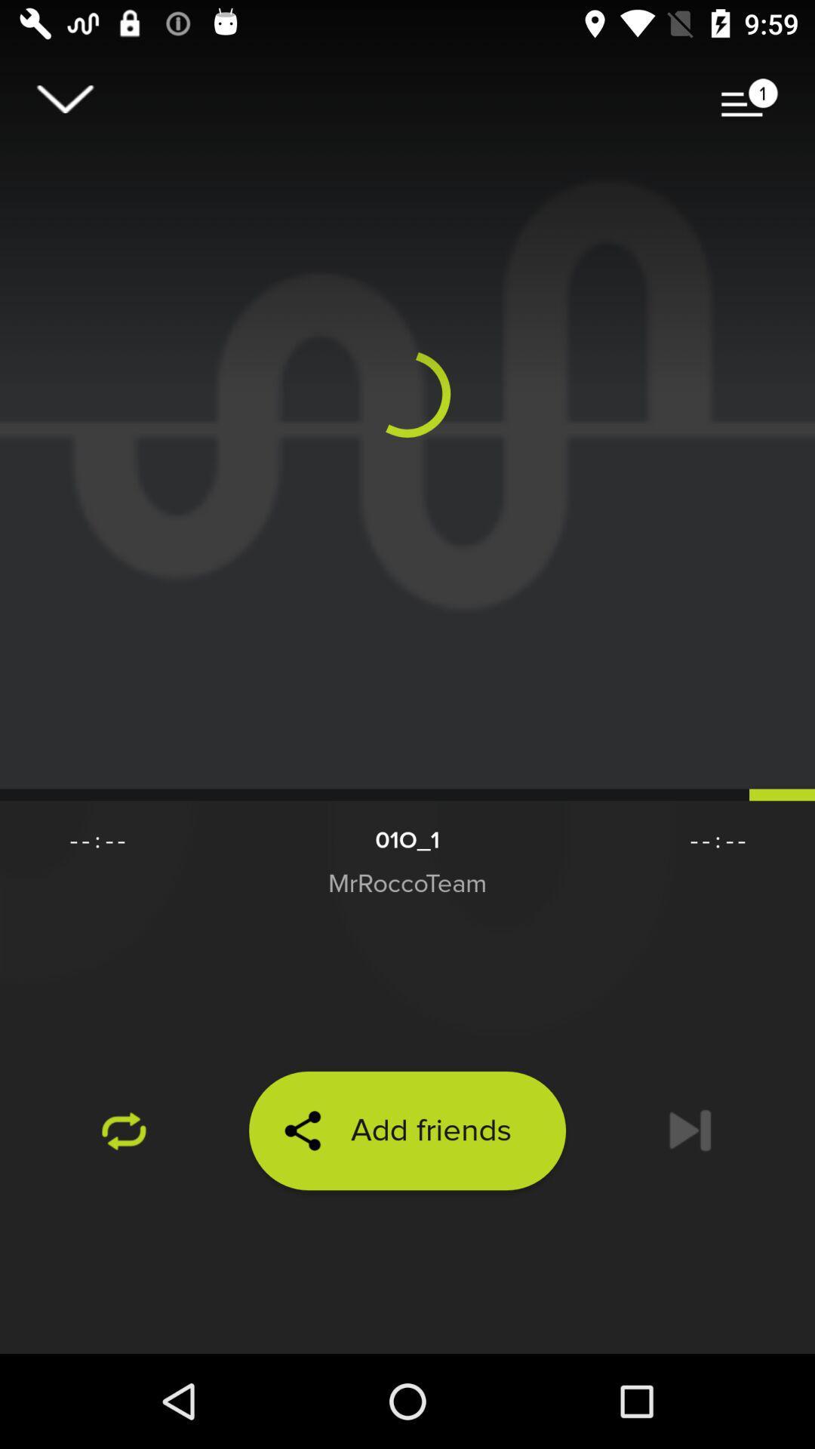 The height and width of the screenshot is (1449, 815). What do you see at coordinates (64, 98) in the screenshot?
I see `the expand_more icon` at bounding box center [64, 98].